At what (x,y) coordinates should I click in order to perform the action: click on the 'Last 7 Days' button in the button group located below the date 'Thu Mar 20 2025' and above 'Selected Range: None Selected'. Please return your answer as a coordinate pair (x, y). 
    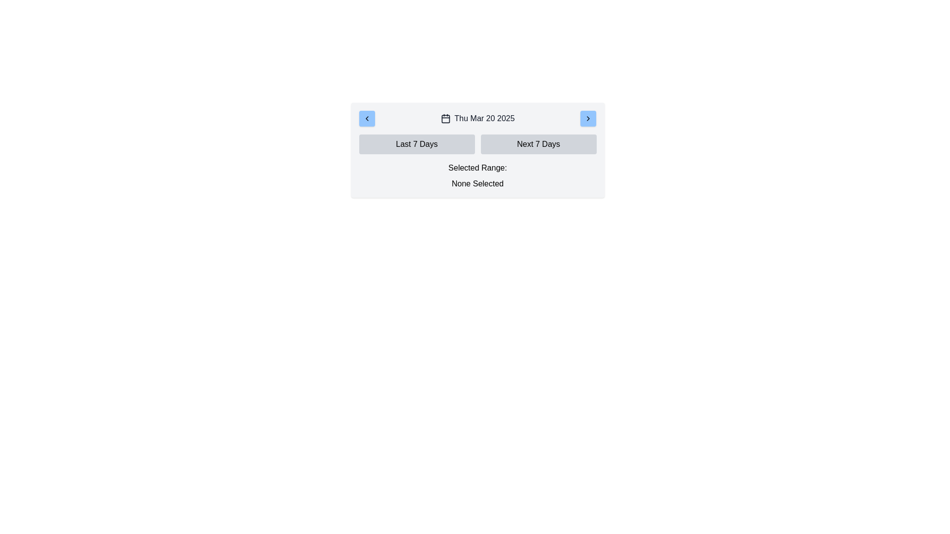
    Looking at the image, I should click on (477, 144).